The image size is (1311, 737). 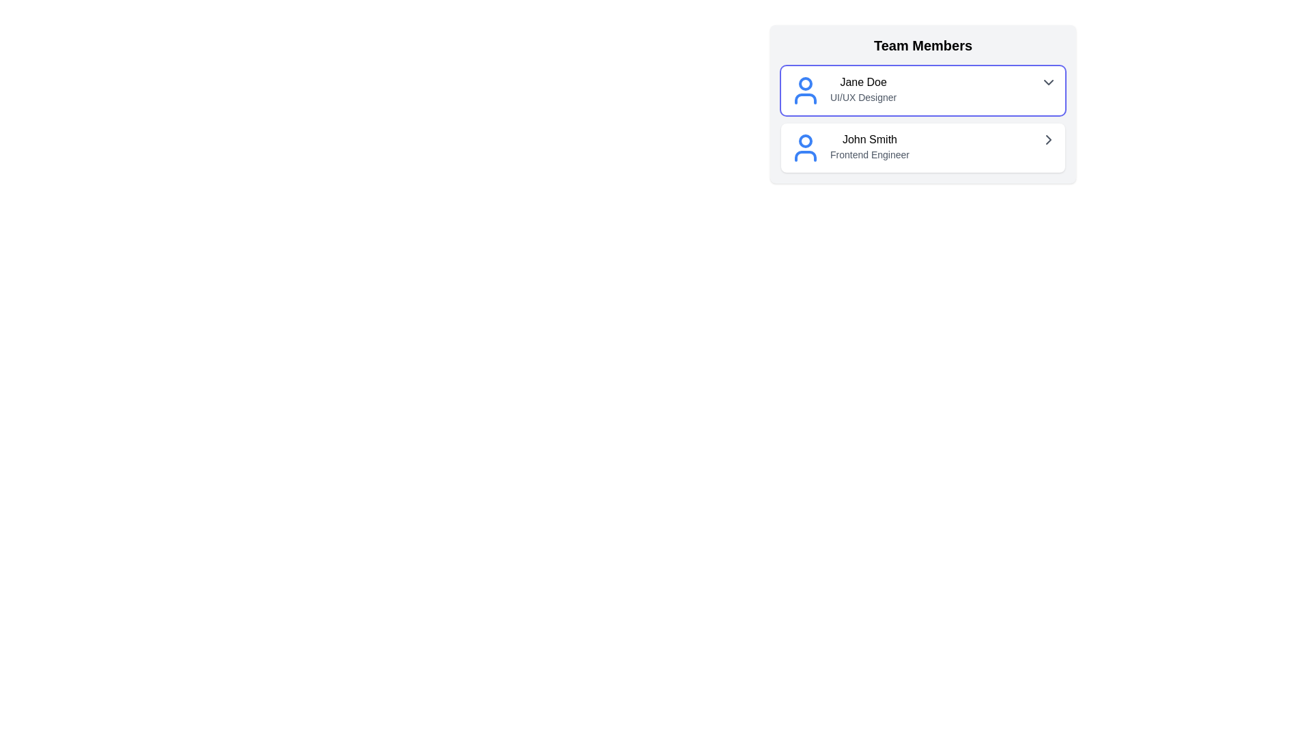 What do you see at coordinates (862, 82) in the screenshot?
I see `on the text label displaying the name of a team member, which is located at the top-left corner of a profile card in the 'Team Members' panel` at bounding box center [862, 82].